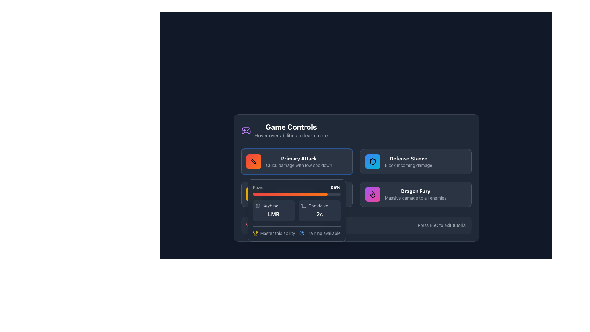 This screenshot has width=590, height=332. I want to click on the current progression of the 'Power' metric represented by the progress bar indicator located in the 'Game Controls' section, so click(290, 194).